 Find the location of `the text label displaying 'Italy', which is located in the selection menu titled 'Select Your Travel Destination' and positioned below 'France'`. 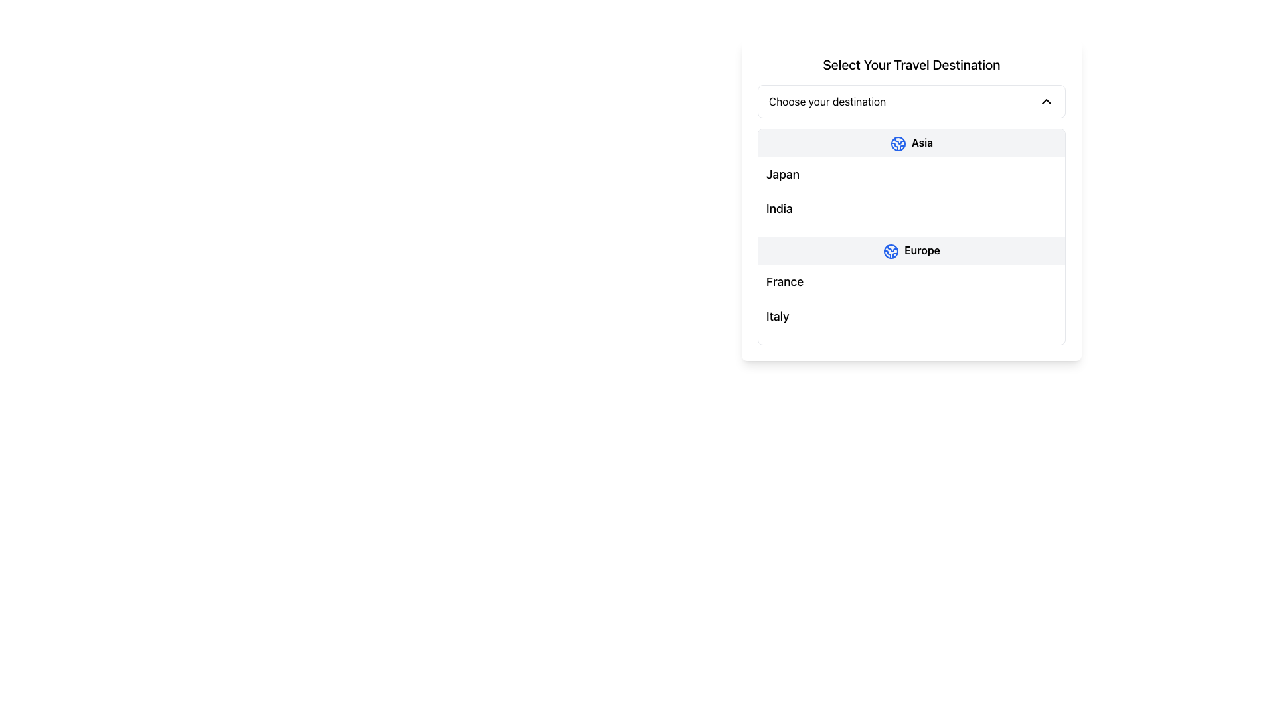

the text label displaying 'Italy', which is located in the selection menu titled 'Select Your Travel Destination' and positioned below 'France' is located at coordinates (778, 316).